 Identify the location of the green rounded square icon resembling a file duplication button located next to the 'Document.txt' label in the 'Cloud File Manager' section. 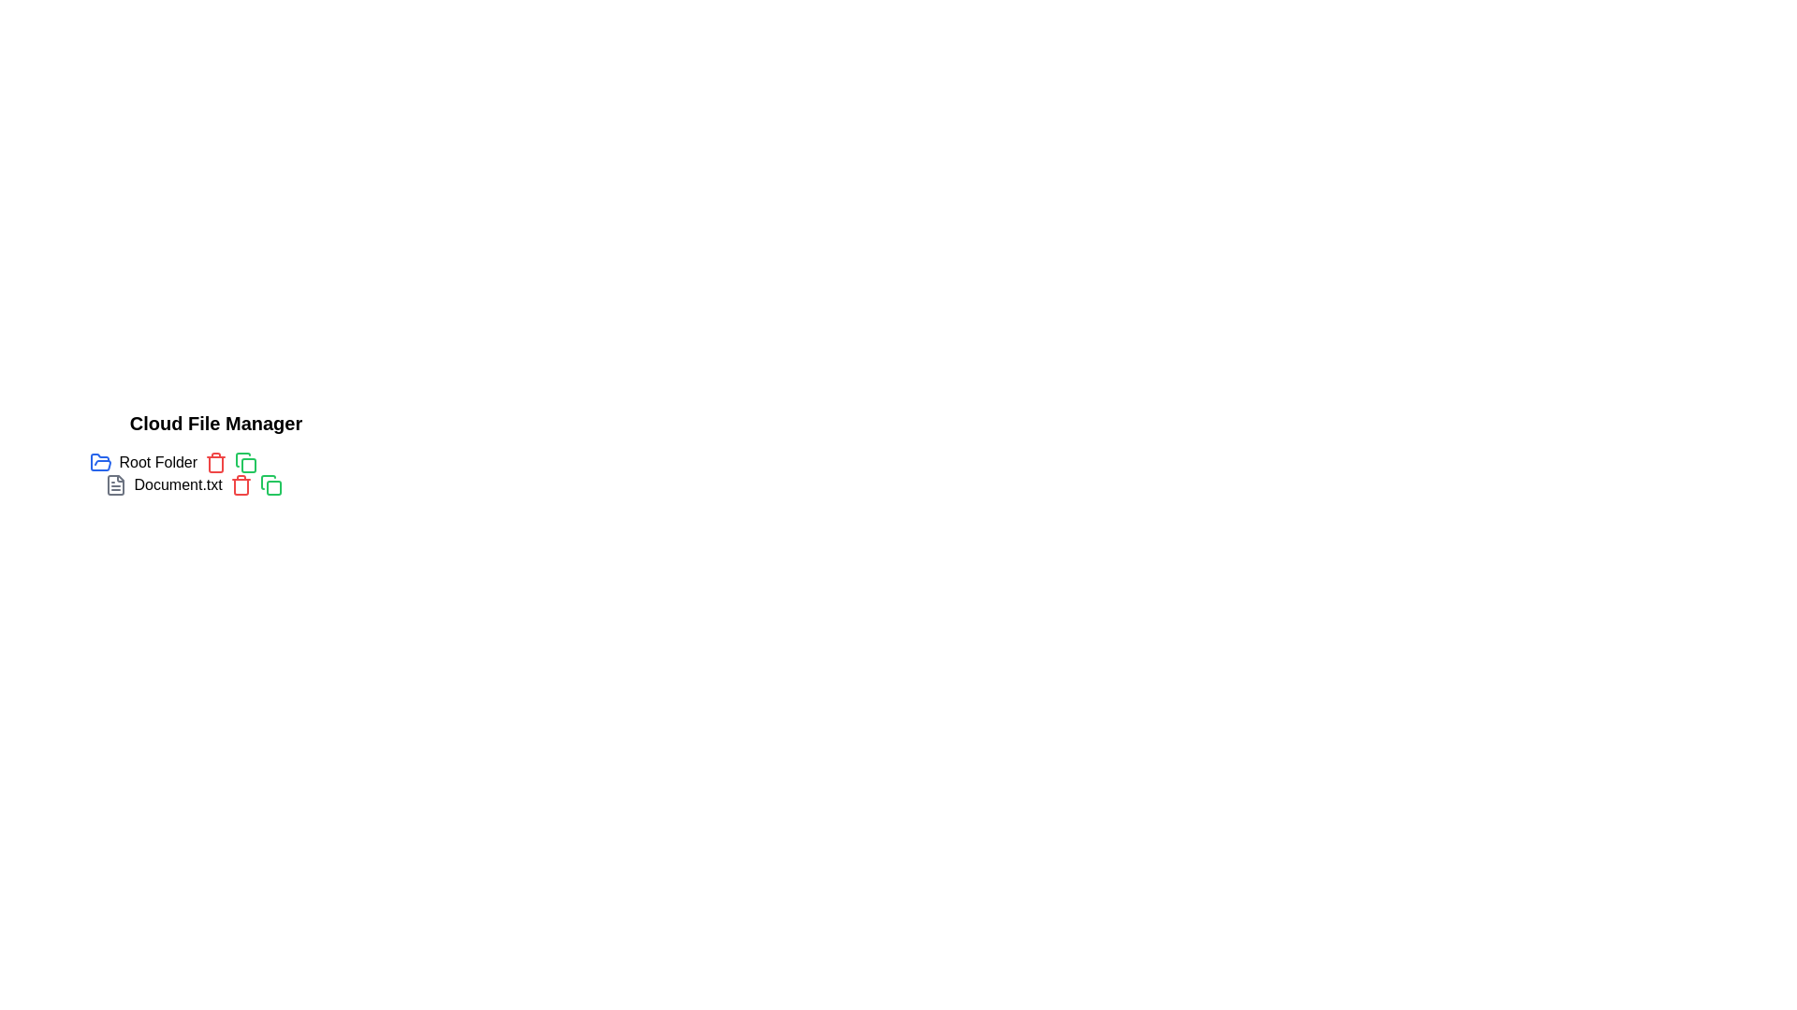
(272, 486).